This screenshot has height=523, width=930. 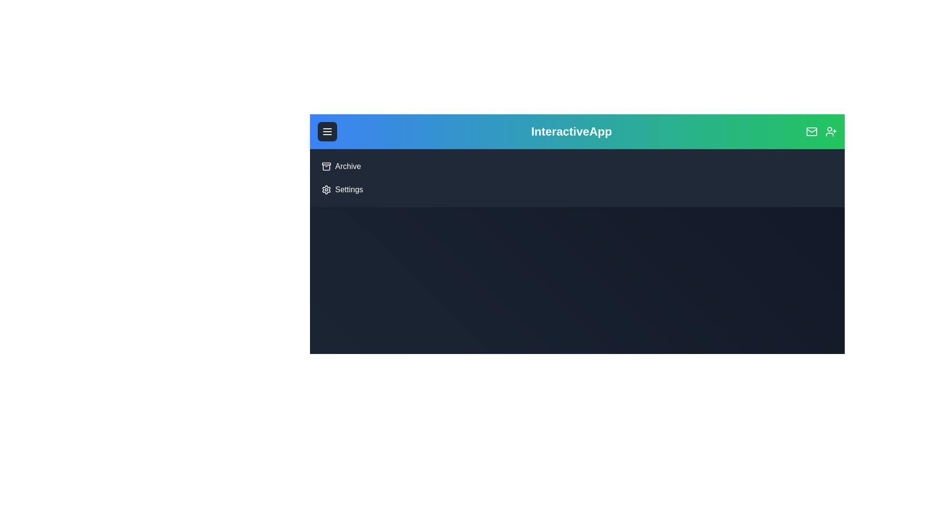 I want to click on the 'Mail' icon, so click(x=811, y=132).